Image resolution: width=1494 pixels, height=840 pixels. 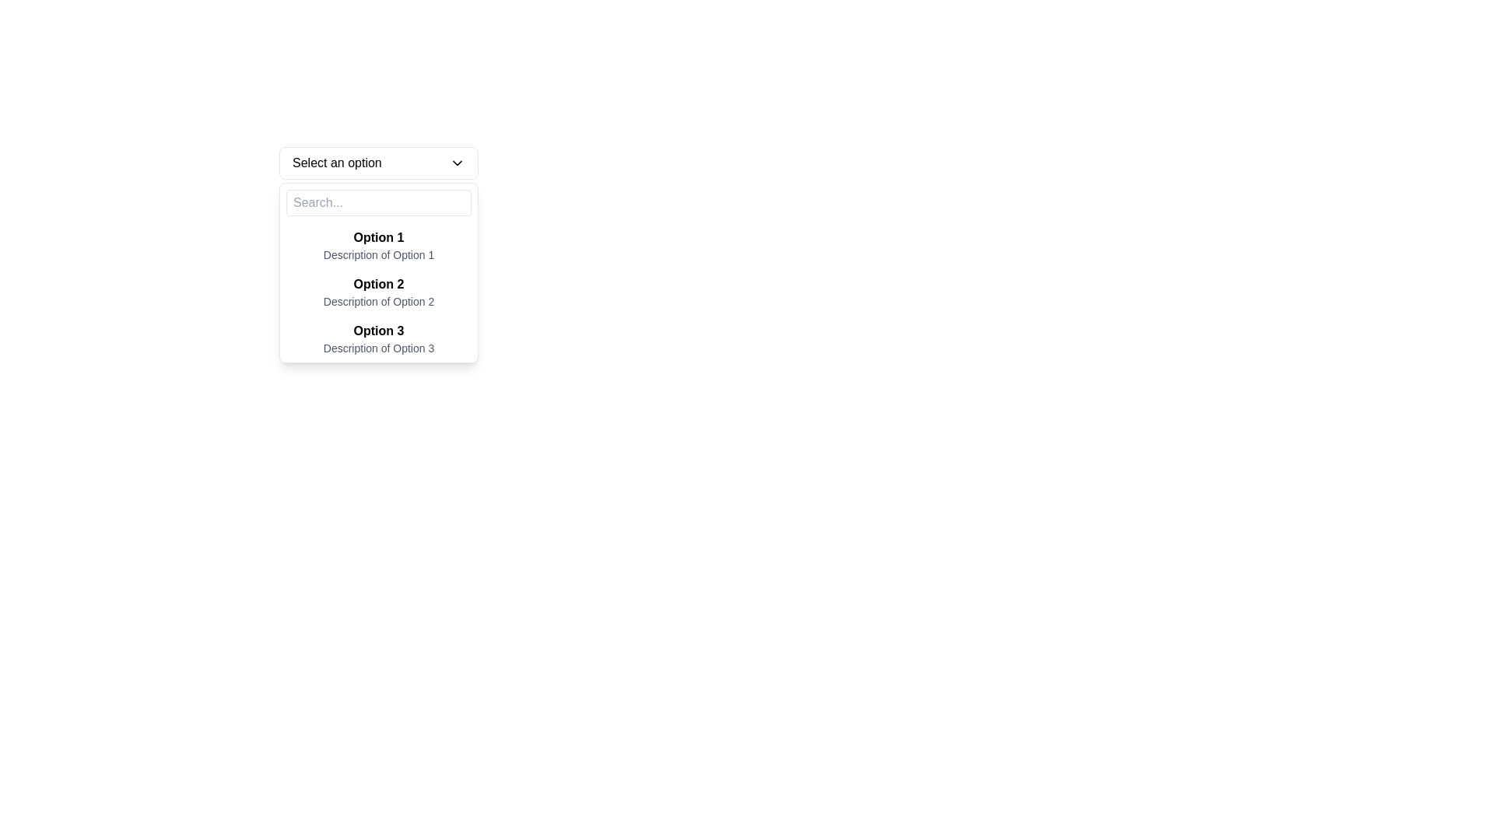 What do you see at coordinates (378, 237) in the screenshot?
I see `text from the primary title label for 'Option 1' located at the top of the dropdown menu` at bounding box center [378, 237].